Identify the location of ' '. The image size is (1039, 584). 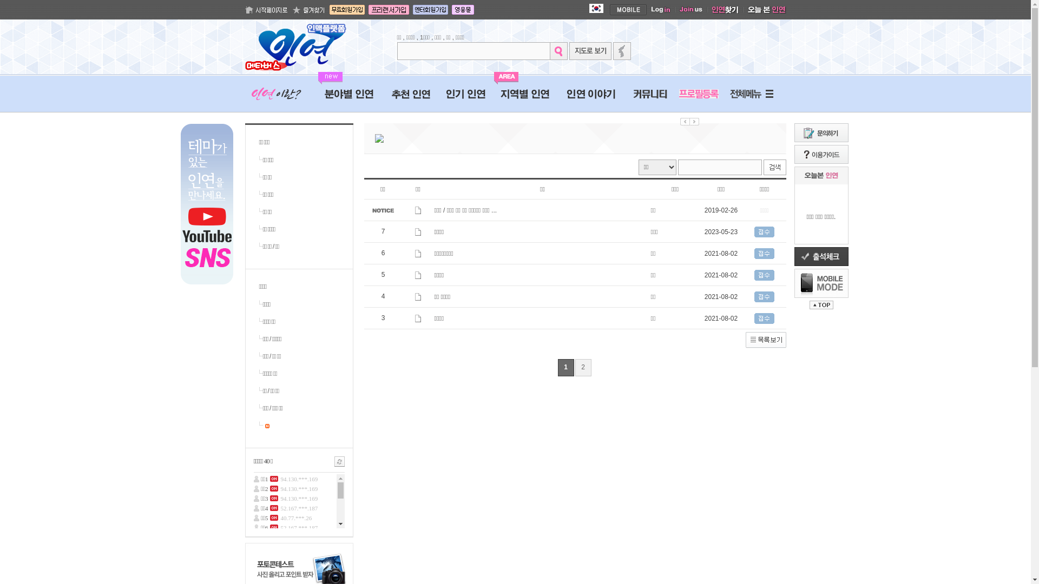
(266, 424).